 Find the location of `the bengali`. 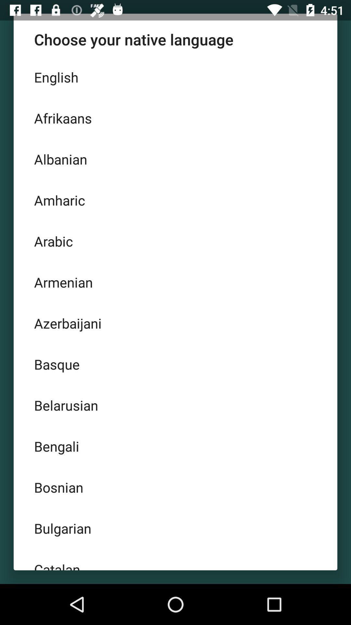

the bengali is located at coordinates (175, 446).